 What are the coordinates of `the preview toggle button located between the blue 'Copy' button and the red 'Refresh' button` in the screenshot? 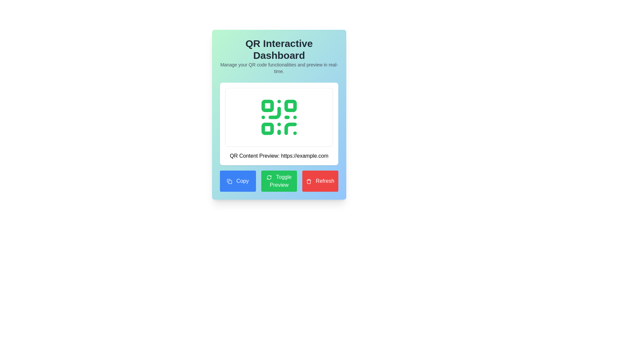 It's located at (279, 181).